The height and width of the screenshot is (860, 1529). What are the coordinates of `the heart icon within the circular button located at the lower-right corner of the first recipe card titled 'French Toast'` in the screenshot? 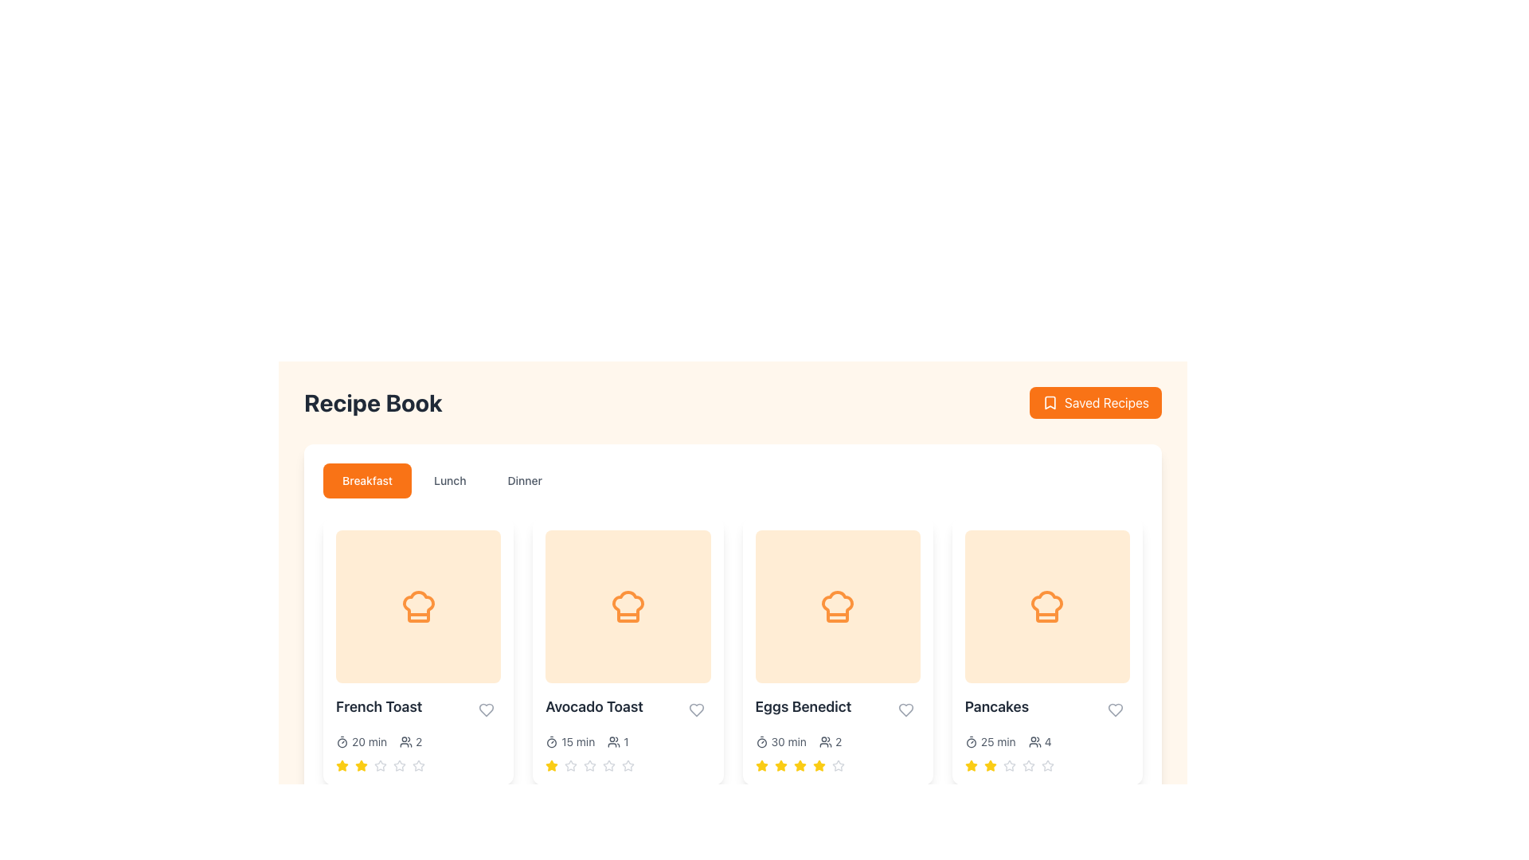 It's located at (486, 709).